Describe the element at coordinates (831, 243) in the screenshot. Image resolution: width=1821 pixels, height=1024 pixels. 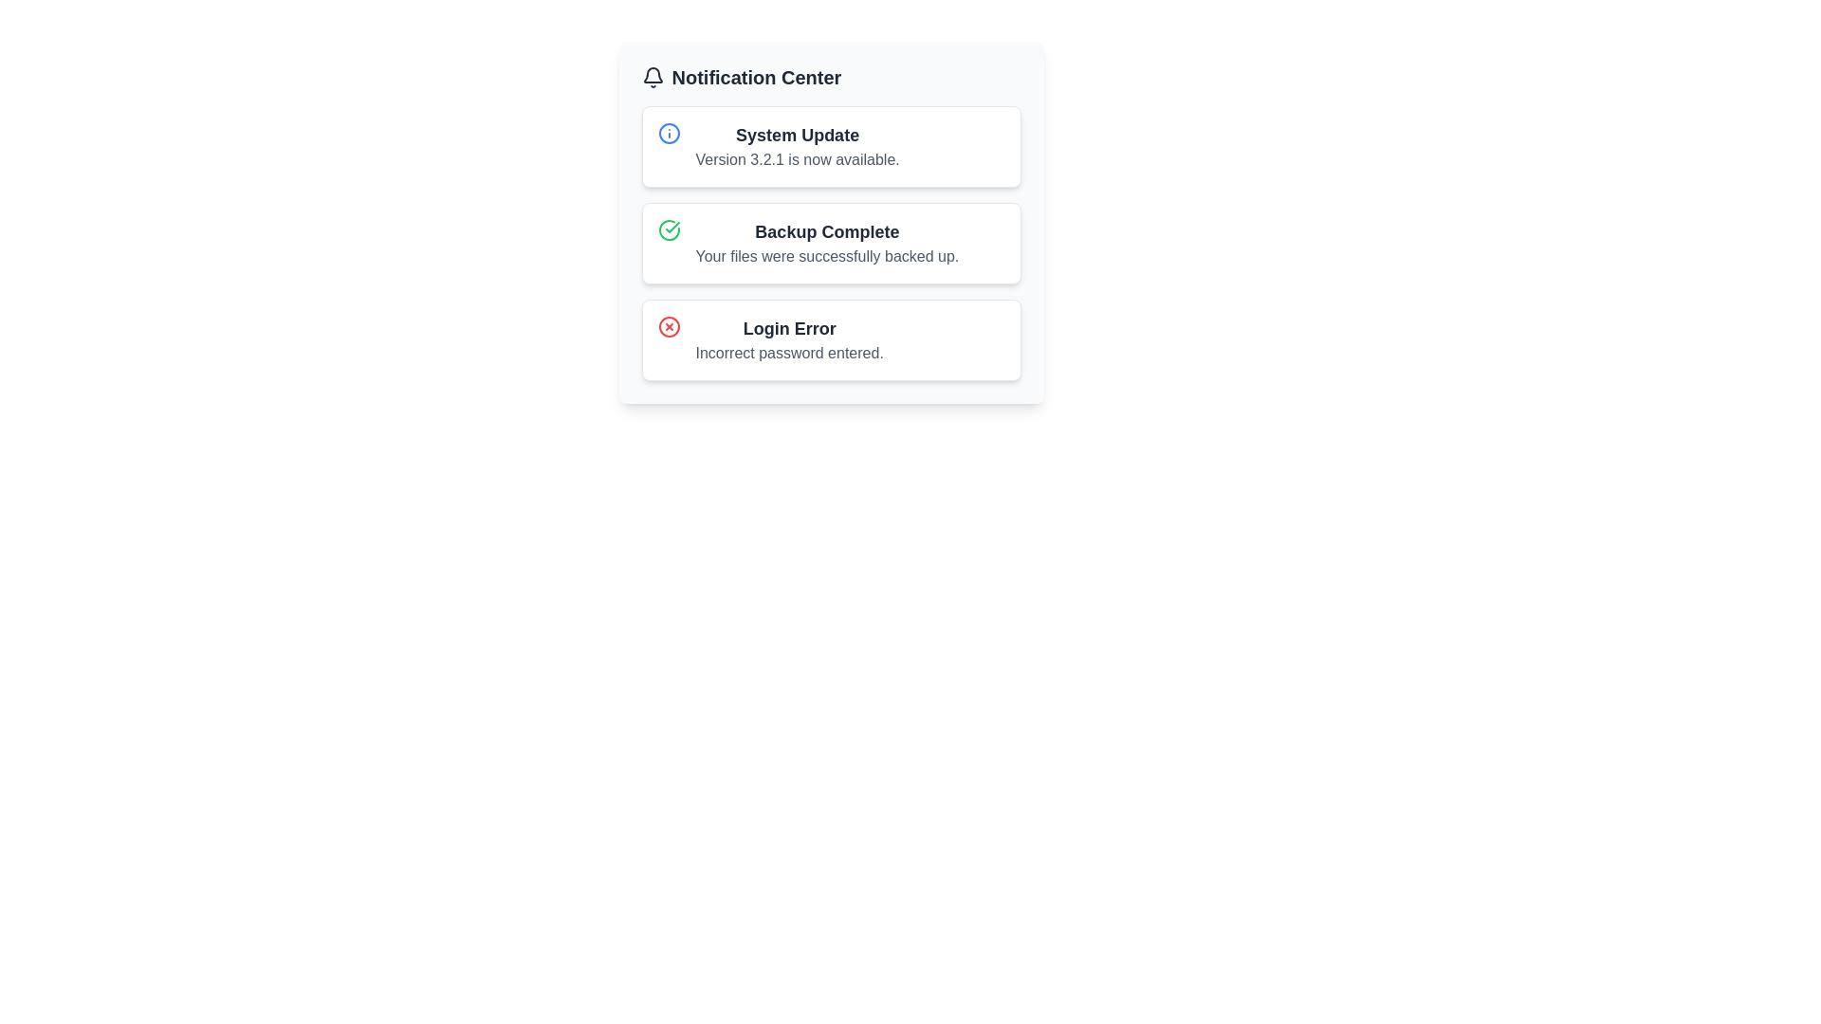
I see `the 'Backup Complete' notification in the Notification Center, which is the second notification listed and has a green checkmark icon` at that location.